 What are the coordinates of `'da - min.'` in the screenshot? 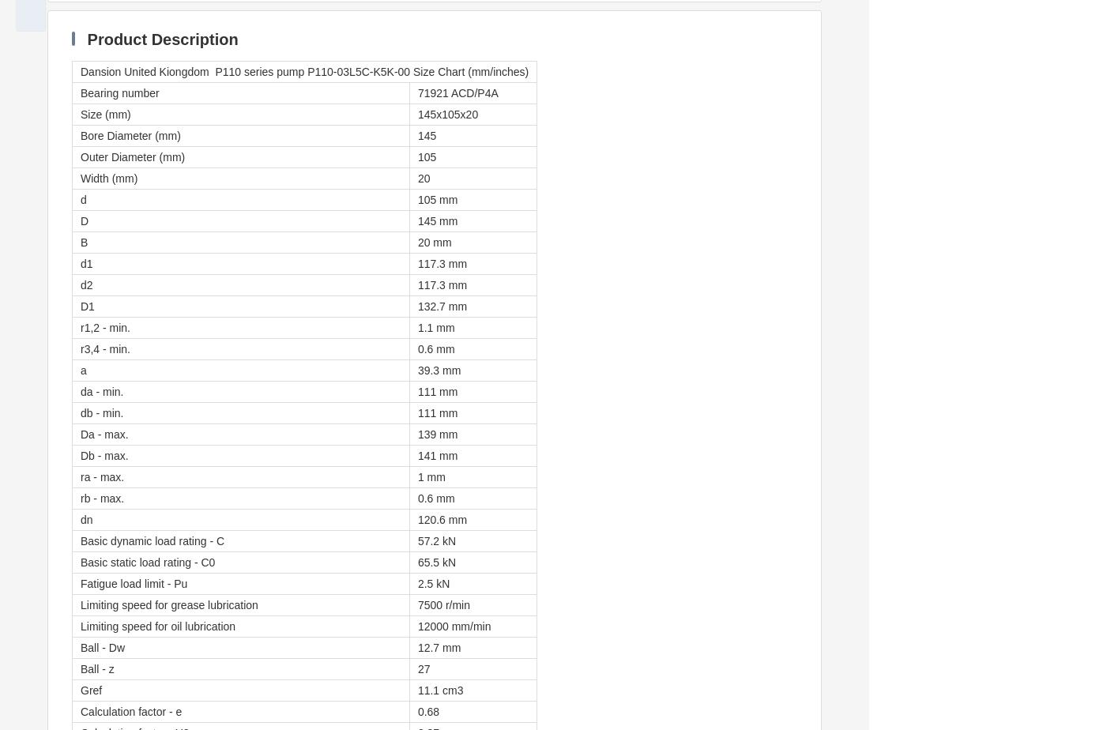 It's located at (101, 392).